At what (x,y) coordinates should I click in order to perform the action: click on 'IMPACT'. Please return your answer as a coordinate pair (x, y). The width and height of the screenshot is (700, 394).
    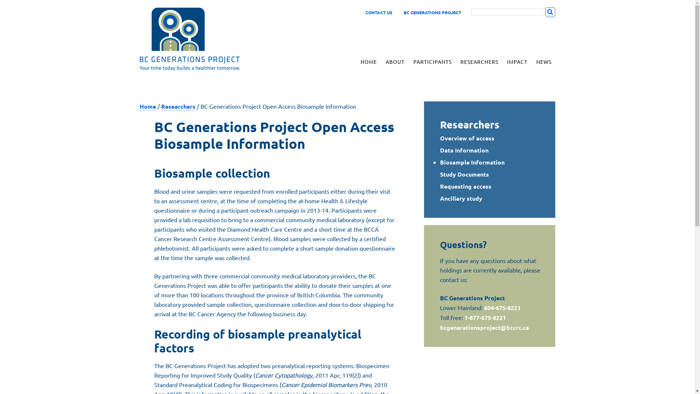
    Looking at the image, I should click on (516, 61).